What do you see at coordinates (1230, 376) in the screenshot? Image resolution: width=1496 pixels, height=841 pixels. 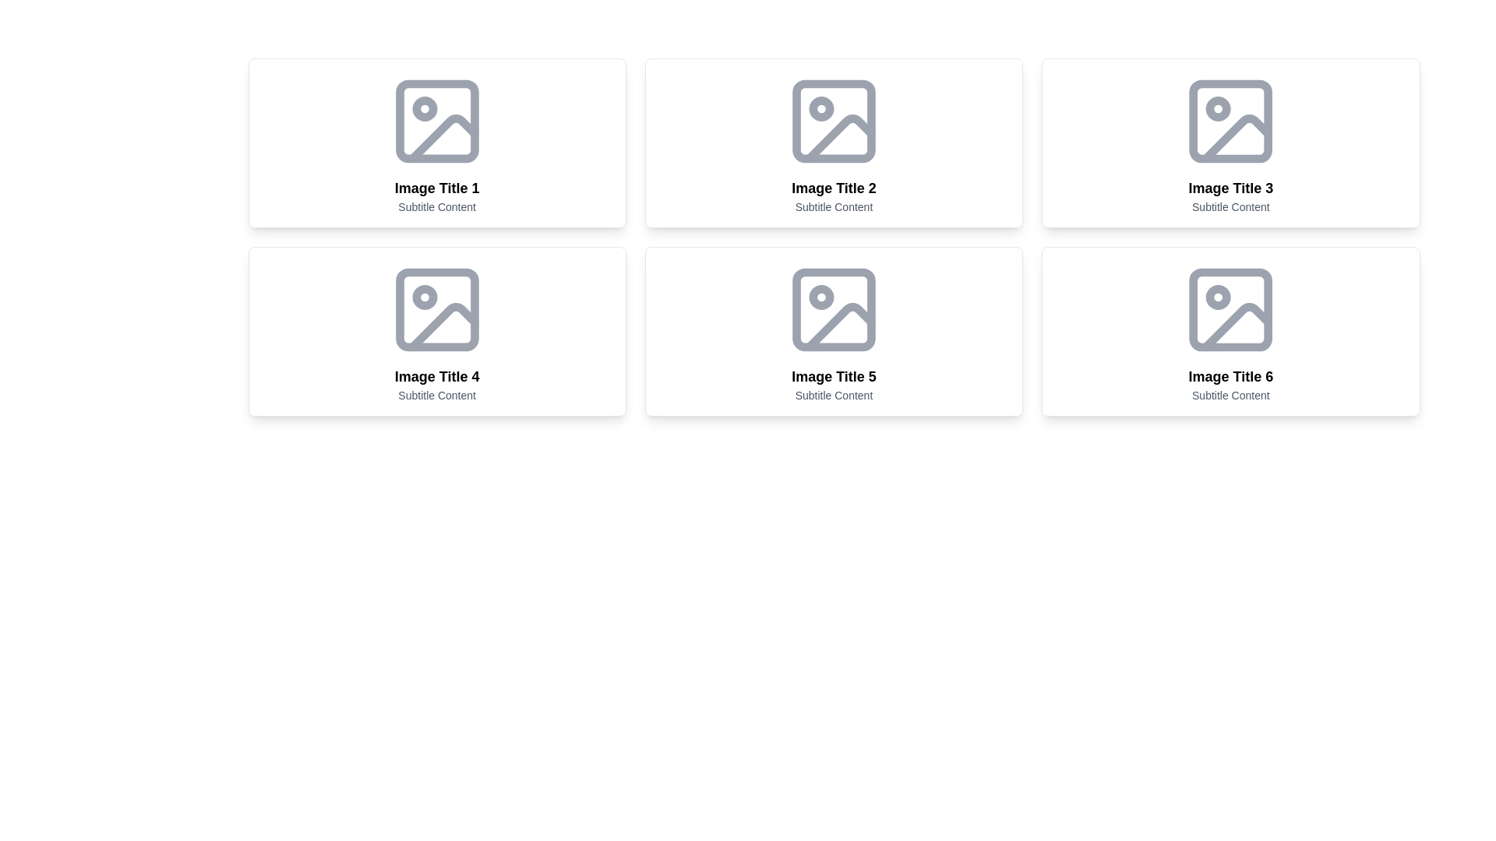 I see `the text label that serves as the title for the sixth card in a grid, positioned below the image placeholder and above the subtitle text` at bounding box center [1230, 376].